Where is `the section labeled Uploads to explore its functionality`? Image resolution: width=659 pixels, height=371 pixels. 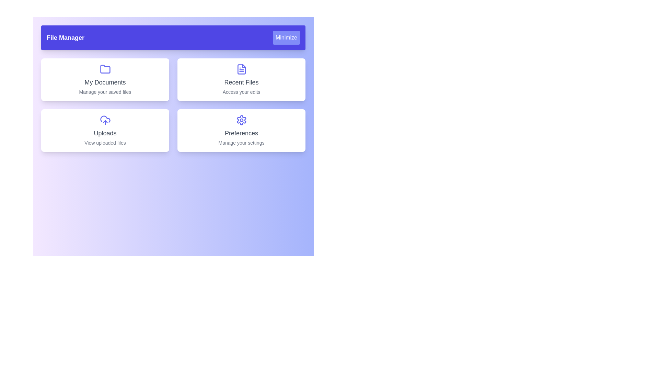
the section labeled Uploads to explore its functionality is located at coordinates (105, 131).